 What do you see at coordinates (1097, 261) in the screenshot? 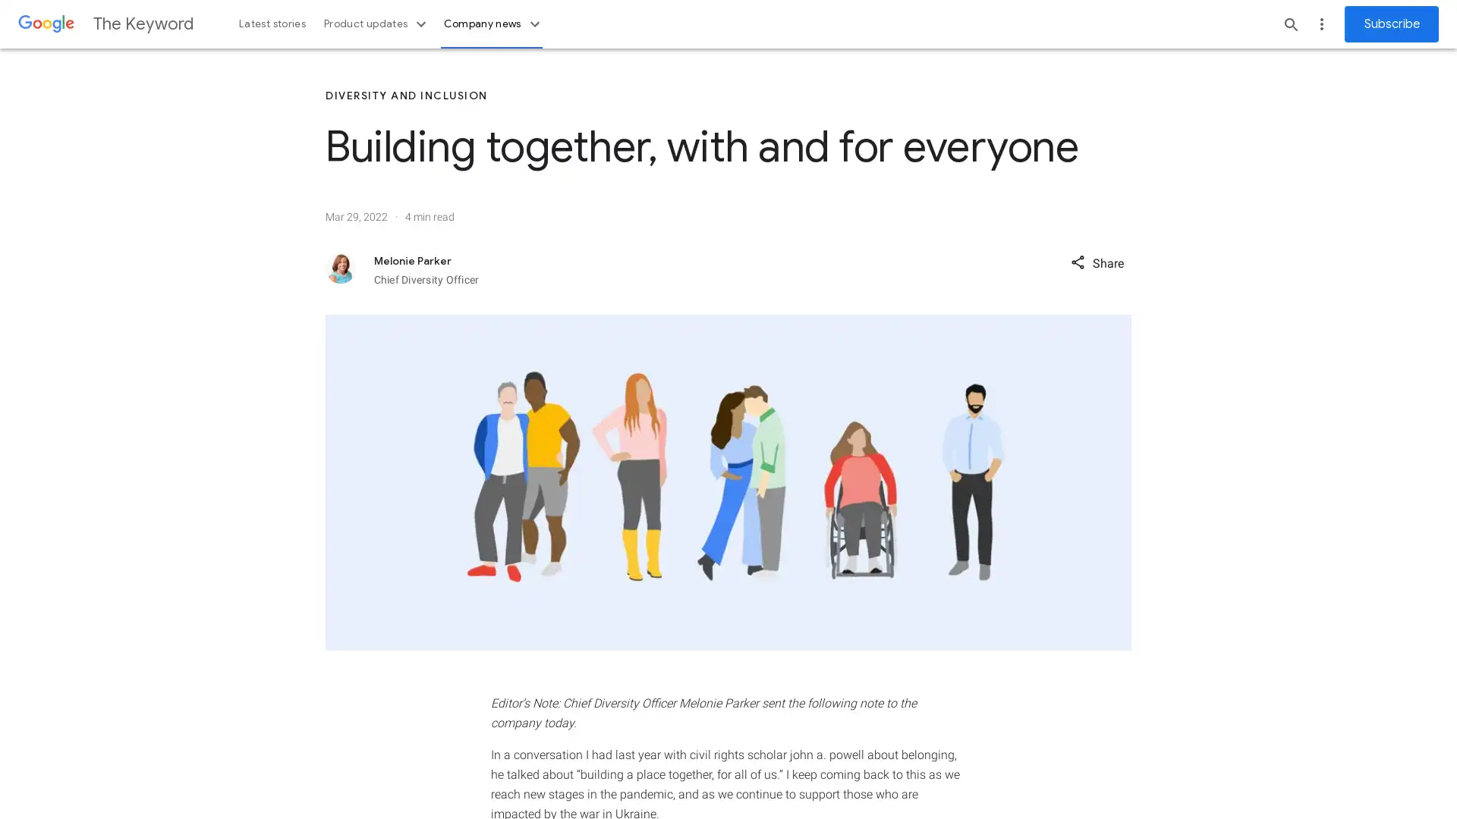
I see `Share` at bounding box center [1097, 261].